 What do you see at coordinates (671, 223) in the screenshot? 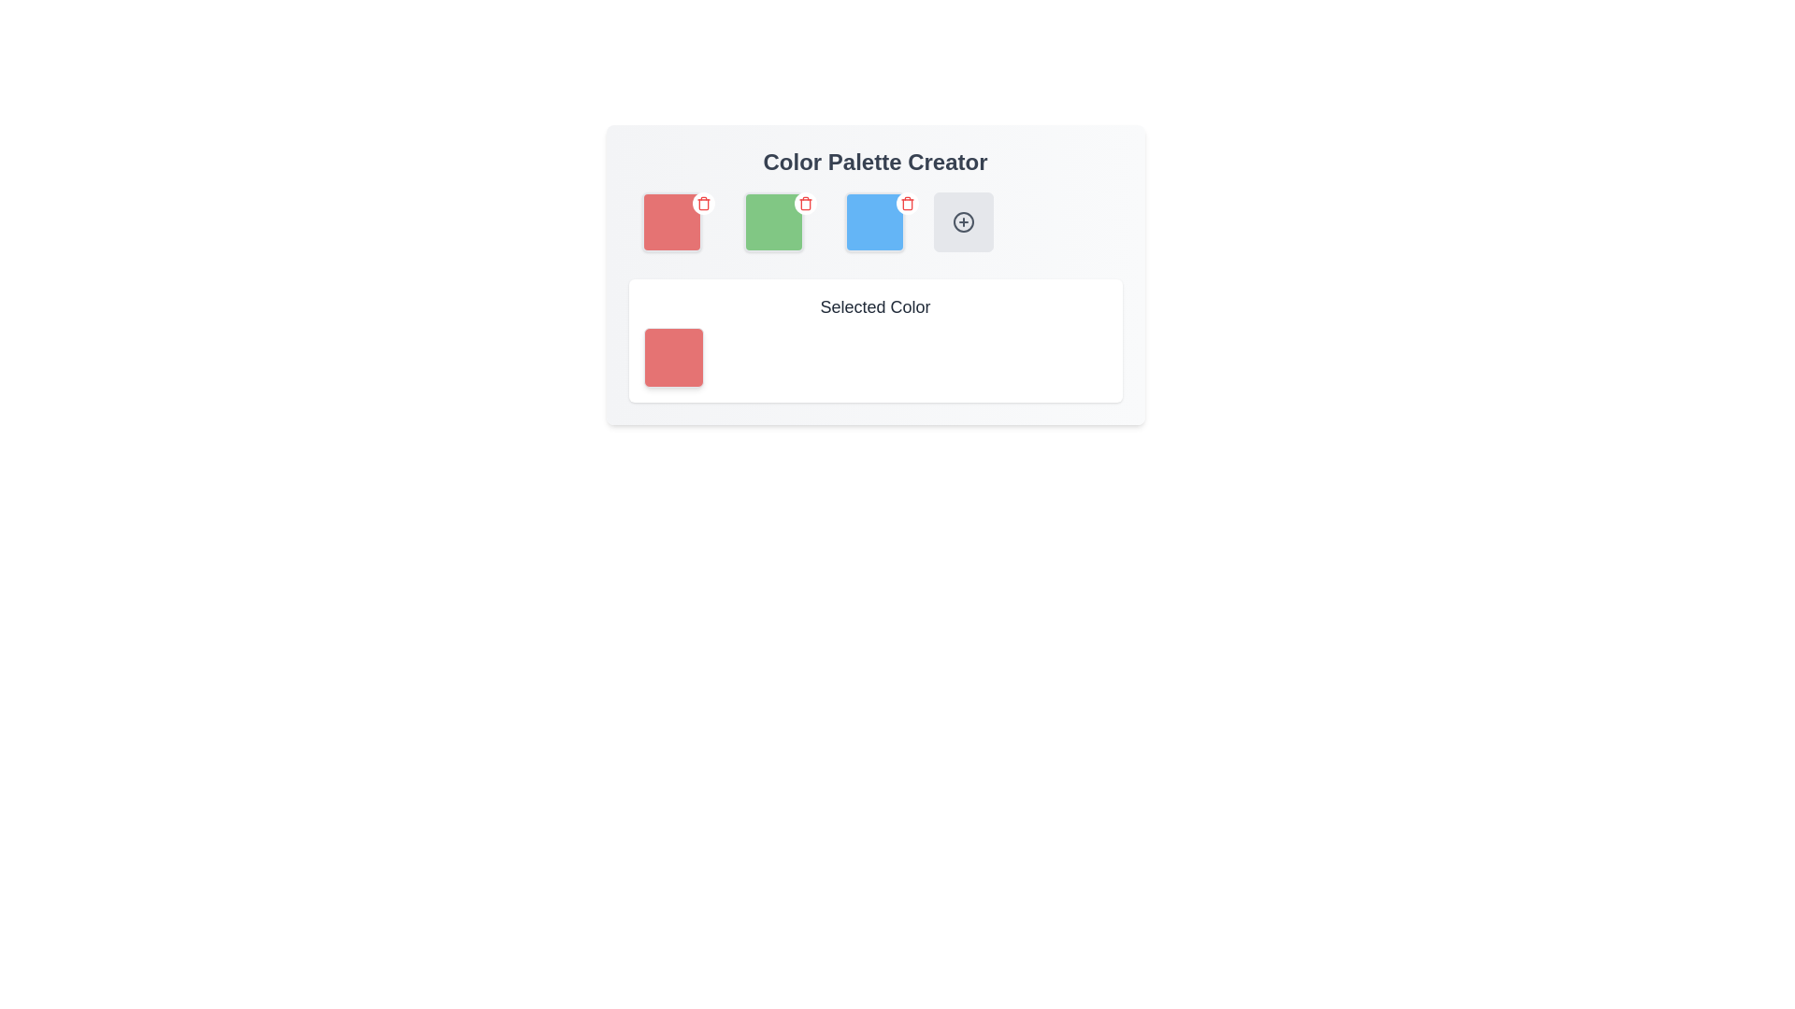
I see `the first colored square button in the 'Color Palette Creator' section` at bounding box center [671, 223].